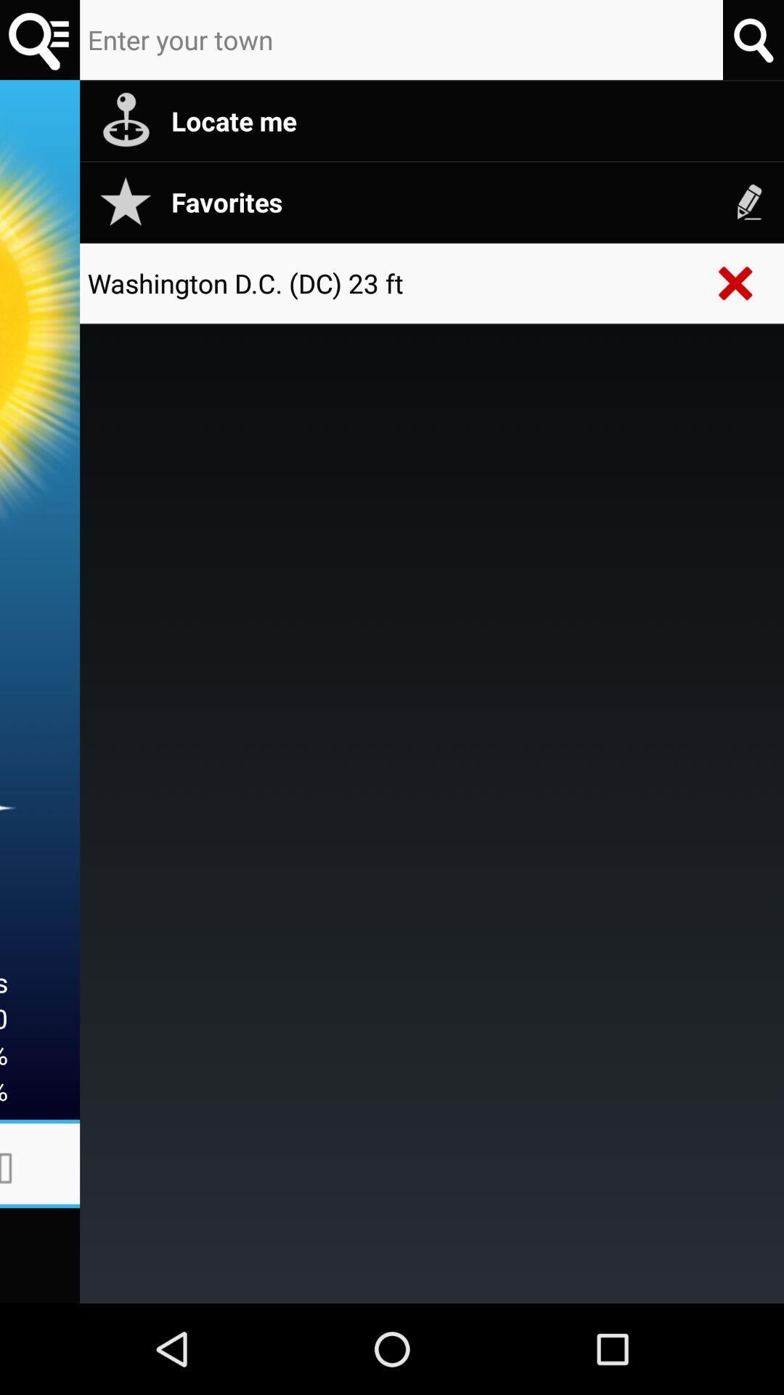  What do you see at coordinates (470, 201) in the screenshot?
I see `item below the locate me app` at bounding box center [470, 201].